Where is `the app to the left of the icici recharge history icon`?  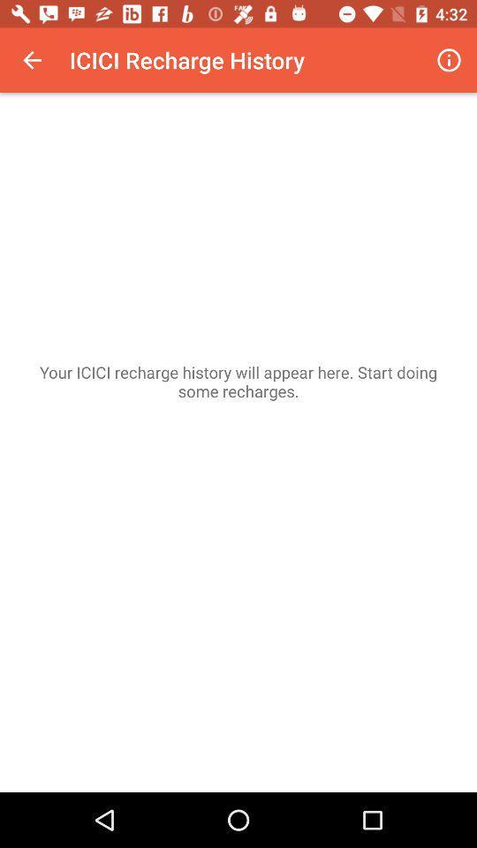
the app to the left of the icici recharge history icon is located at coordinates (32, 60).